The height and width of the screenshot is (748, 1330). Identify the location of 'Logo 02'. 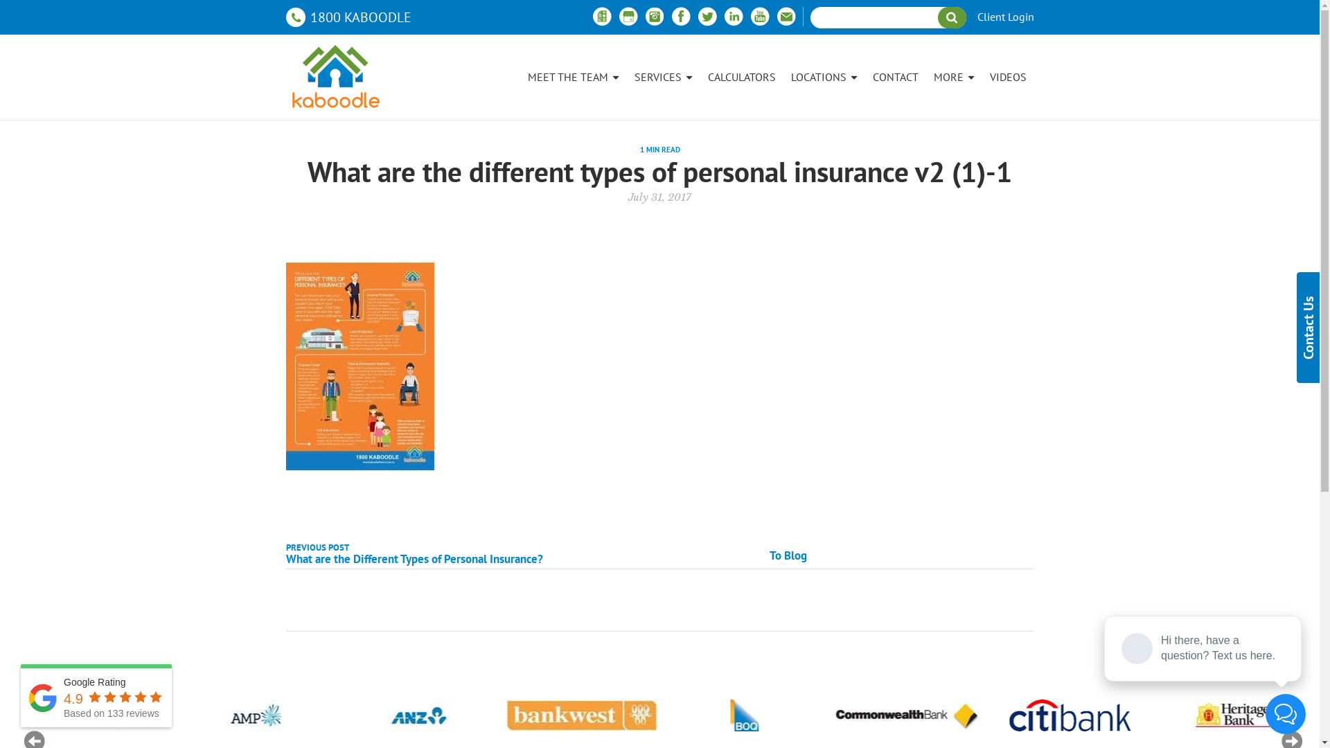
(91, 715).